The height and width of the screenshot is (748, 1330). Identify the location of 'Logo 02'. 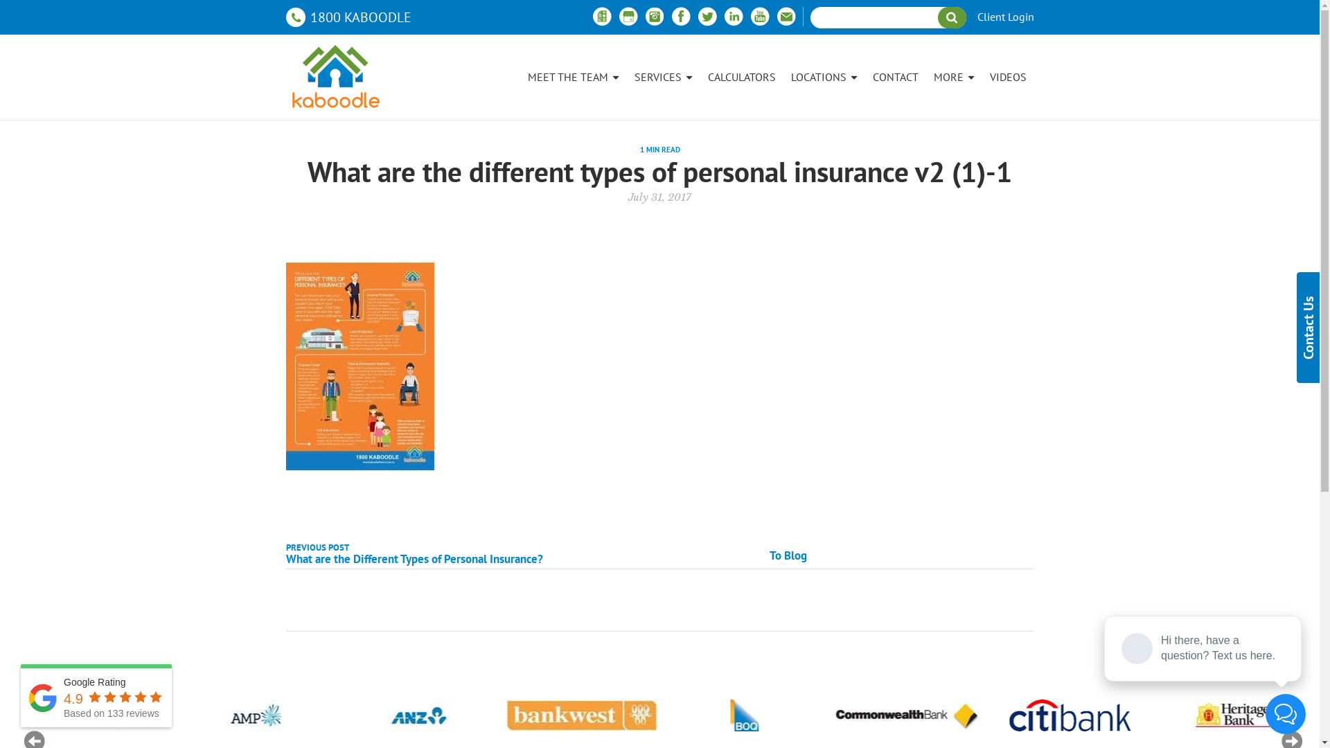
(91, 715).